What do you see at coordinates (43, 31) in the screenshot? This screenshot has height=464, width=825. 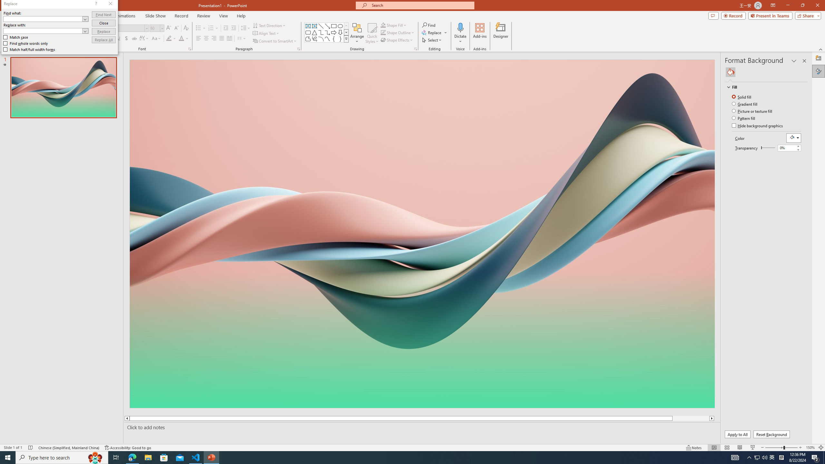 I see `'Replace with'` at bounding box center [43, 31].